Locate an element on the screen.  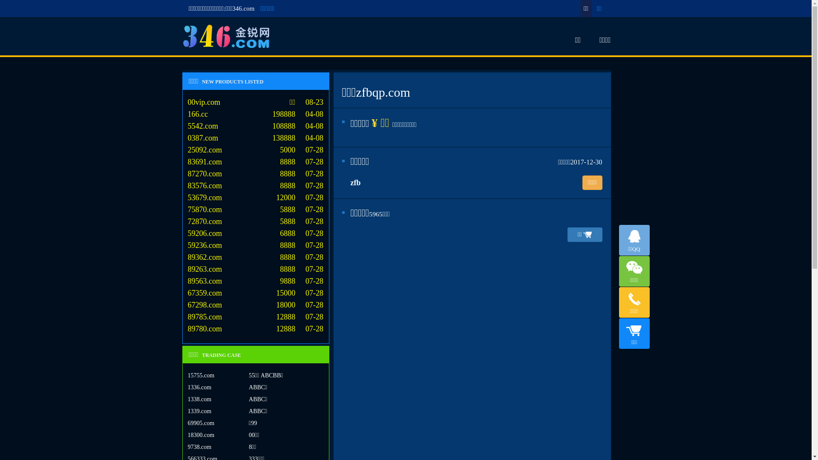
'89780.com 12888 07-28' is located at coordinates (255, 331).